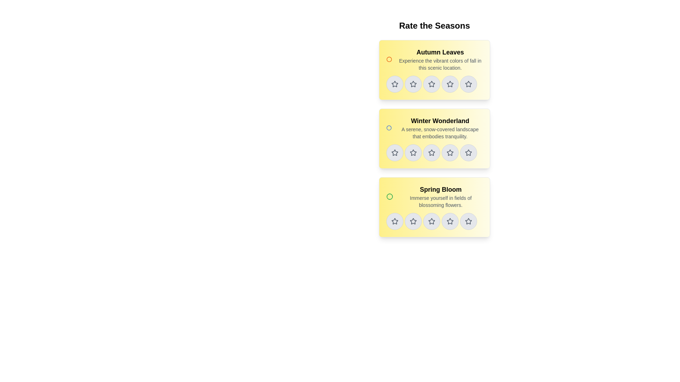 This screenshot has height=382, width=680. I want to click on properties of the inner Circle SVG element located at the center of the 'Spring Bloom' card, so click(389, 196).